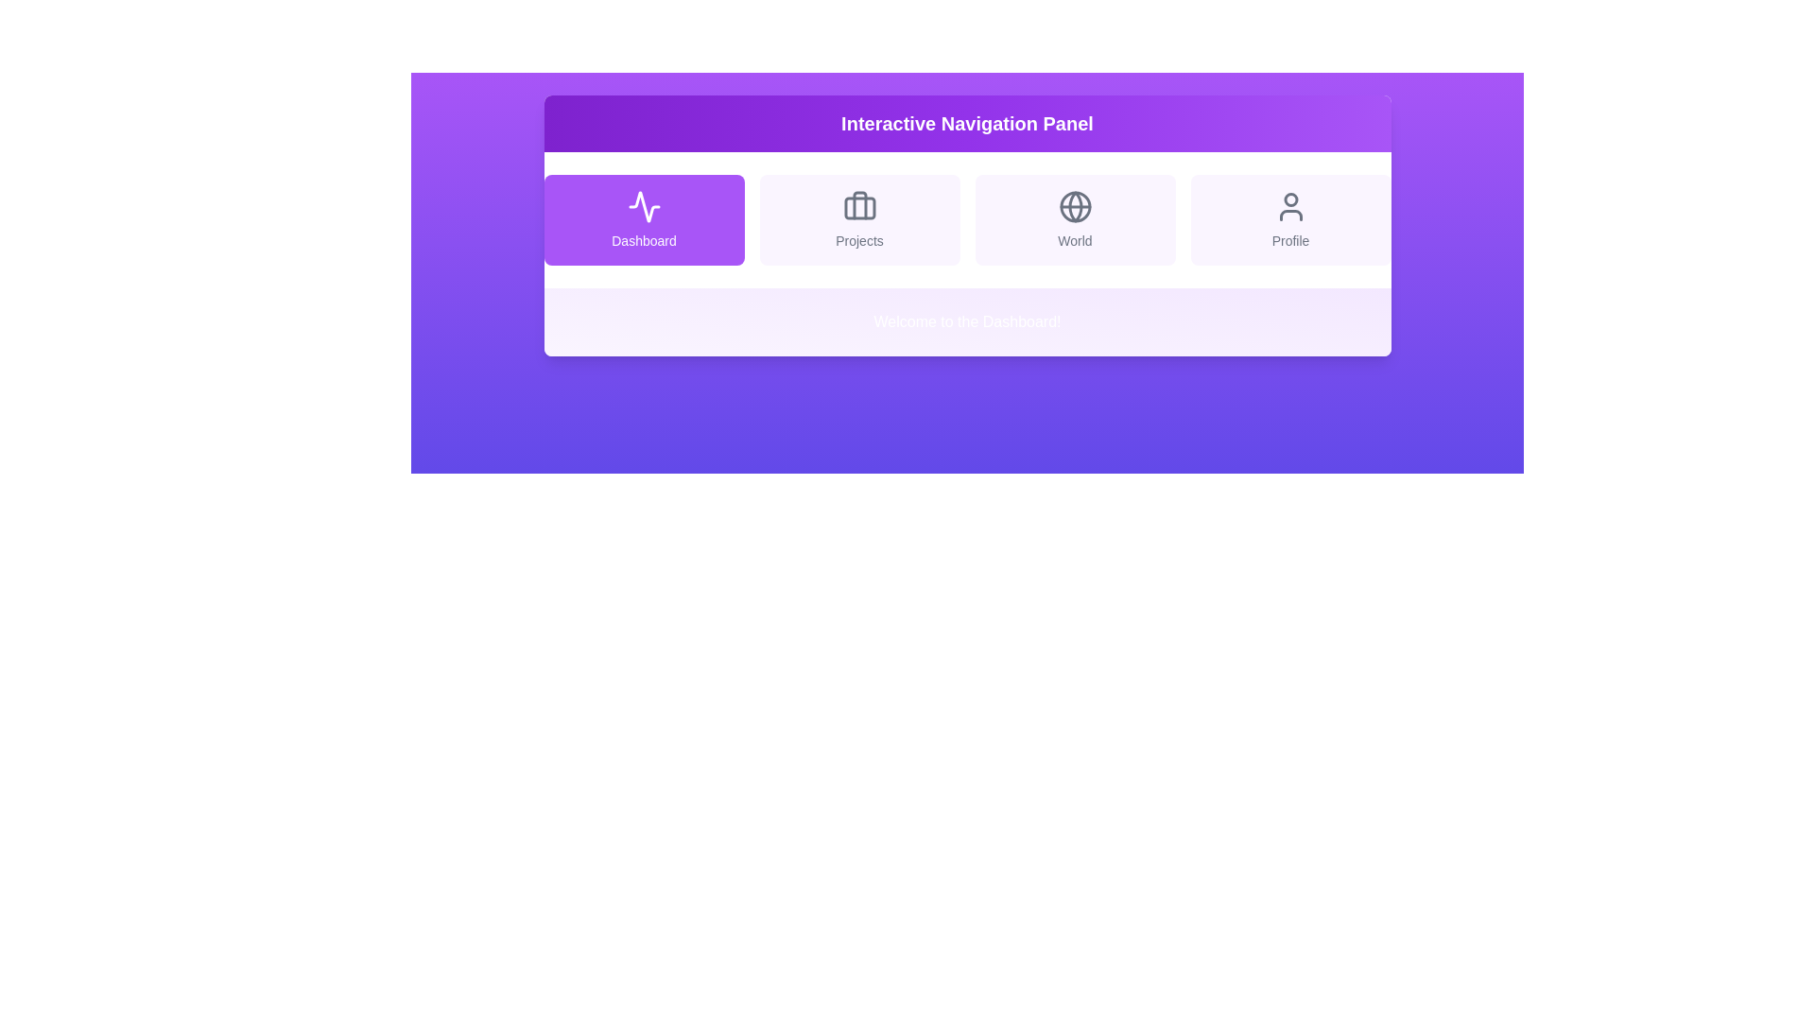  Describe the element at coordinates (1289, 199) in the screenshot. I see `the circular head of the user profile icon located in the fourth slot of the navigation bar labeled 'Profile'` at that location.